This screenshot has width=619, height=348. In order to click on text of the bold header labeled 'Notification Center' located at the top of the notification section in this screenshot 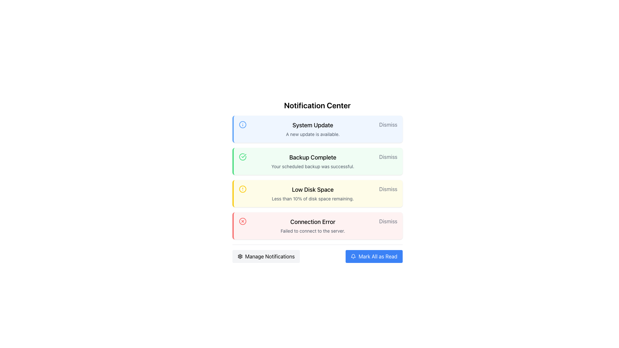, I will do `click(317, 105)`.